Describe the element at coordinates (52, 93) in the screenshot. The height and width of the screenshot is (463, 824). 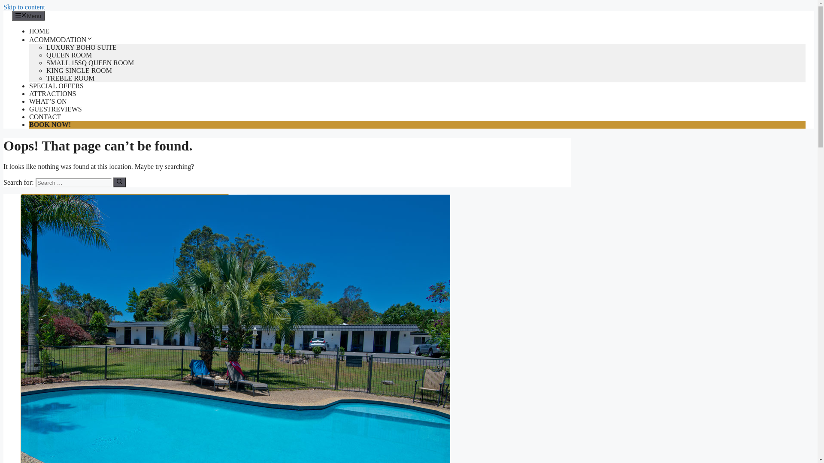
I see `'ATTRACTIONS'` at that location.